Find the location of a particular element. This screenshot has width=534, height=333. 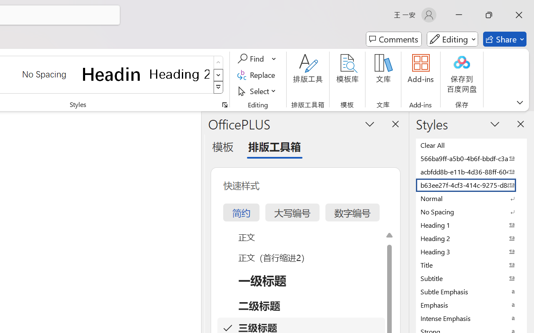

'Mode' is located at coordinates (452, 39).